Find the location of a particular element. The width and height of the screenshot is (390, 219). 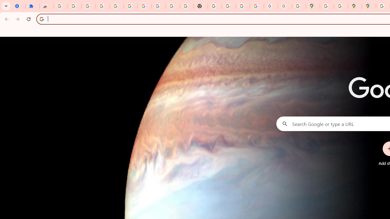

'Back' is located at coordinates (6, 19).